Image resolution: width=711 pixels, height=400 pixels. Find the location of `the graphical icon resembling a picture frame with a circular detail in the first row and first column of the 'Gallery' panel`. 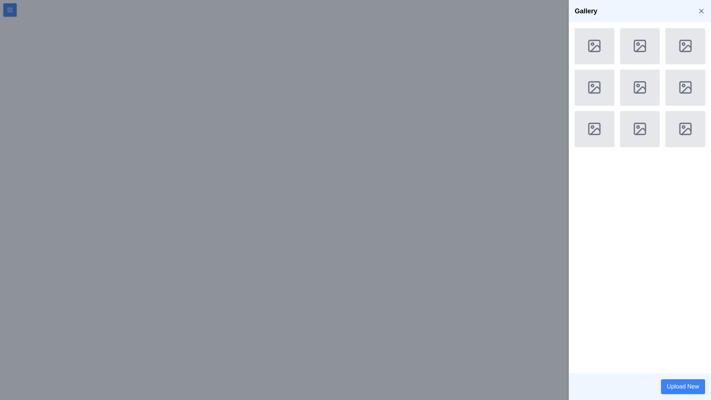

the graphical icon resembling a picture frame with a circular detail in the first row and first column of the 'Gallery' panel is located at coordinates (594, 46).